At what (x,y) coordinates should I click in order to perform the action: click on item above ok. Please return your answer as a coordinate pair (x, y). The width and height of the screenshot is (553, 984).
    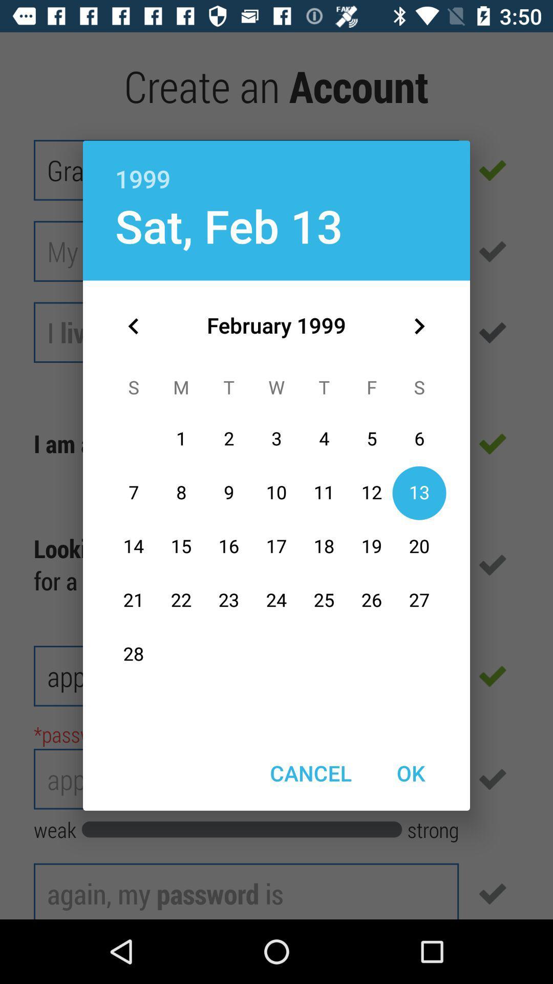
    Looking at the image, I should click on (419, 325).